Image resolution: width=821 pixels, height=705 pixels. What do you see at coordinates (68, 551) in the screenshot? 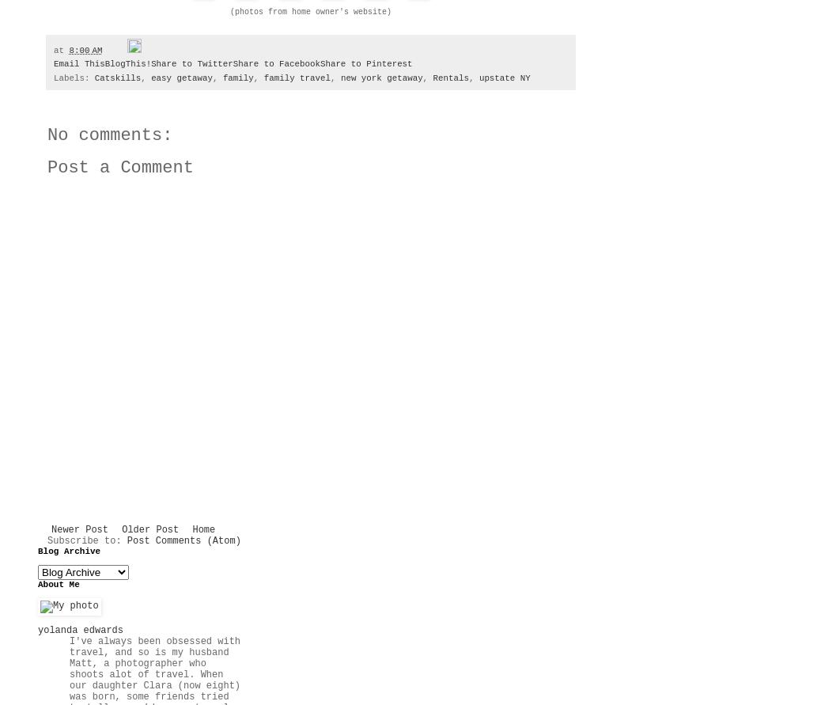
I see `'Blog Archive'` at bounding box center [68, 551].